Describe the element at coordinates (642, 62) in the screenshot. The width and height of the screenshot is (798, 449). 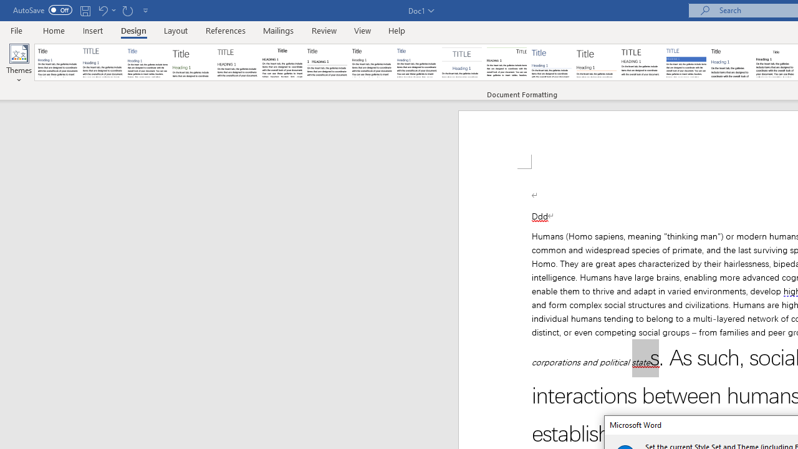
I see `'Minimalist'` at that location.